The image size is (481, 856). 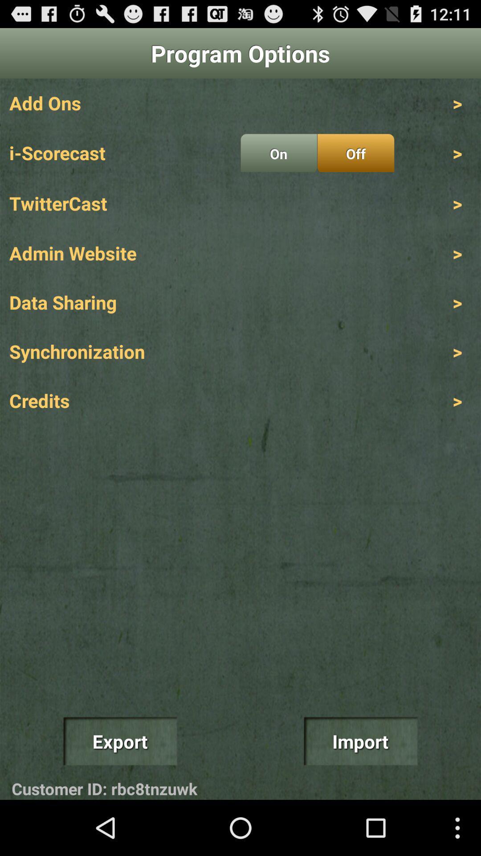 I want to click on the icon next to >, so click(x=355, y=153).